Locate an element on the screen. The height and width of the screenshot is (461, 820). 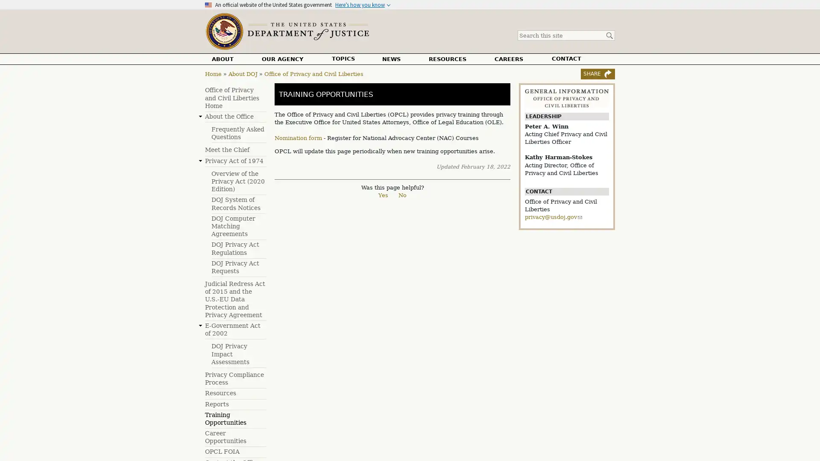
Search is located at coordinates (609, 35).